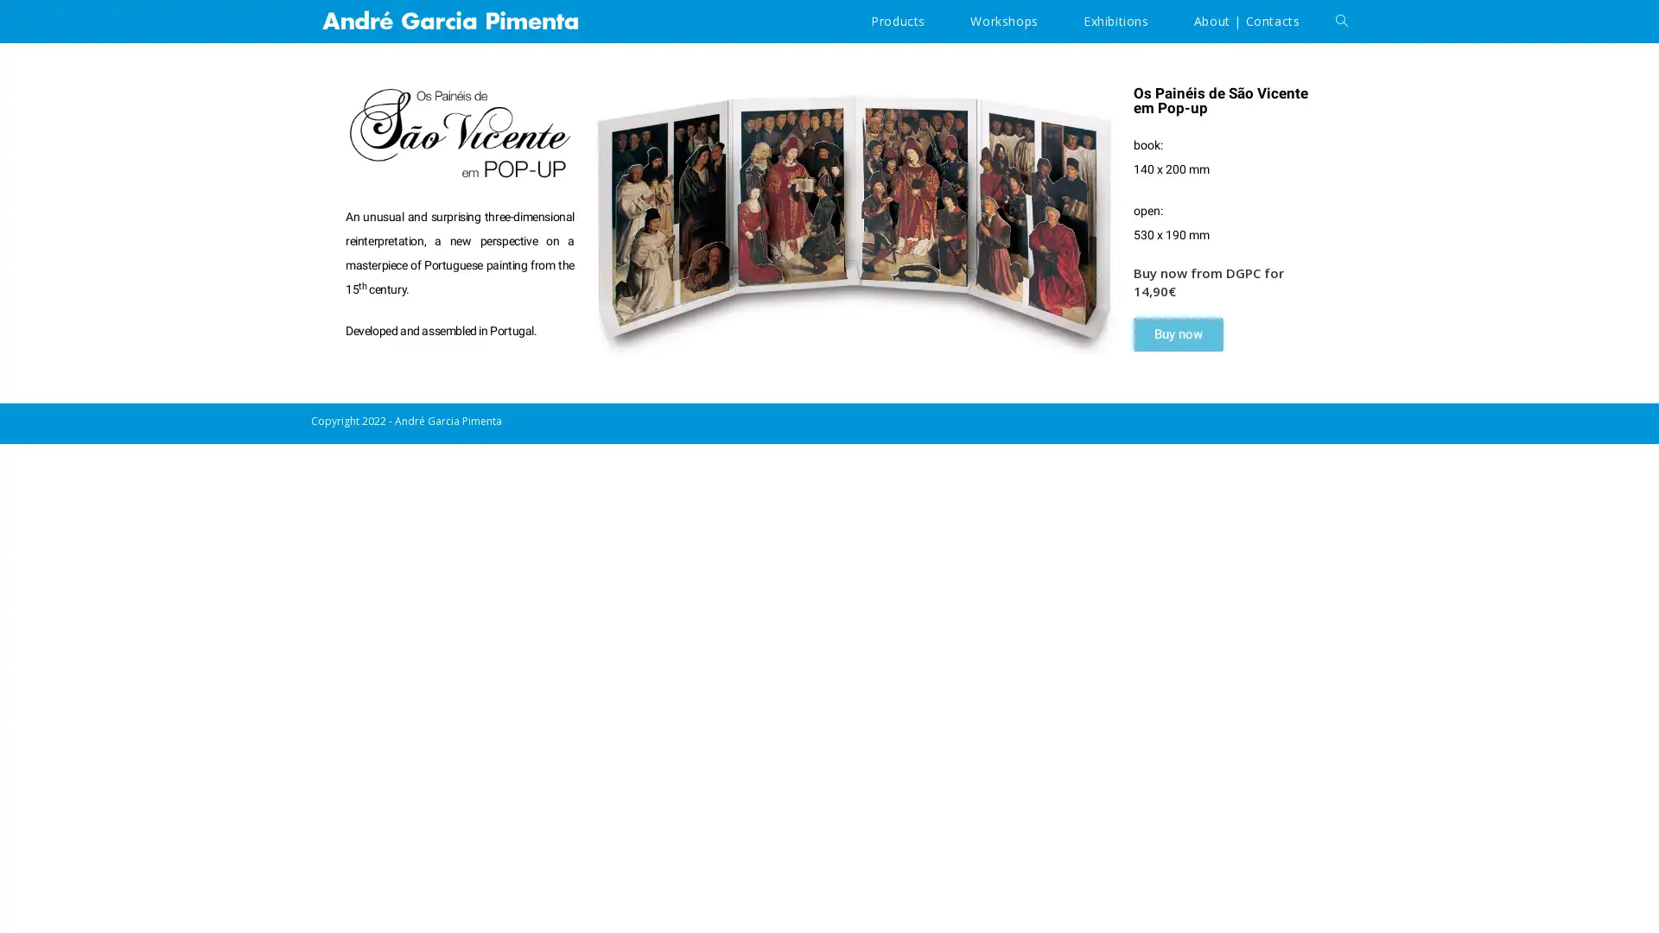  What do you see at coordinates (1177, 334) in the screenshot?
I see `Buy now` at bounding box center [1177, 334].